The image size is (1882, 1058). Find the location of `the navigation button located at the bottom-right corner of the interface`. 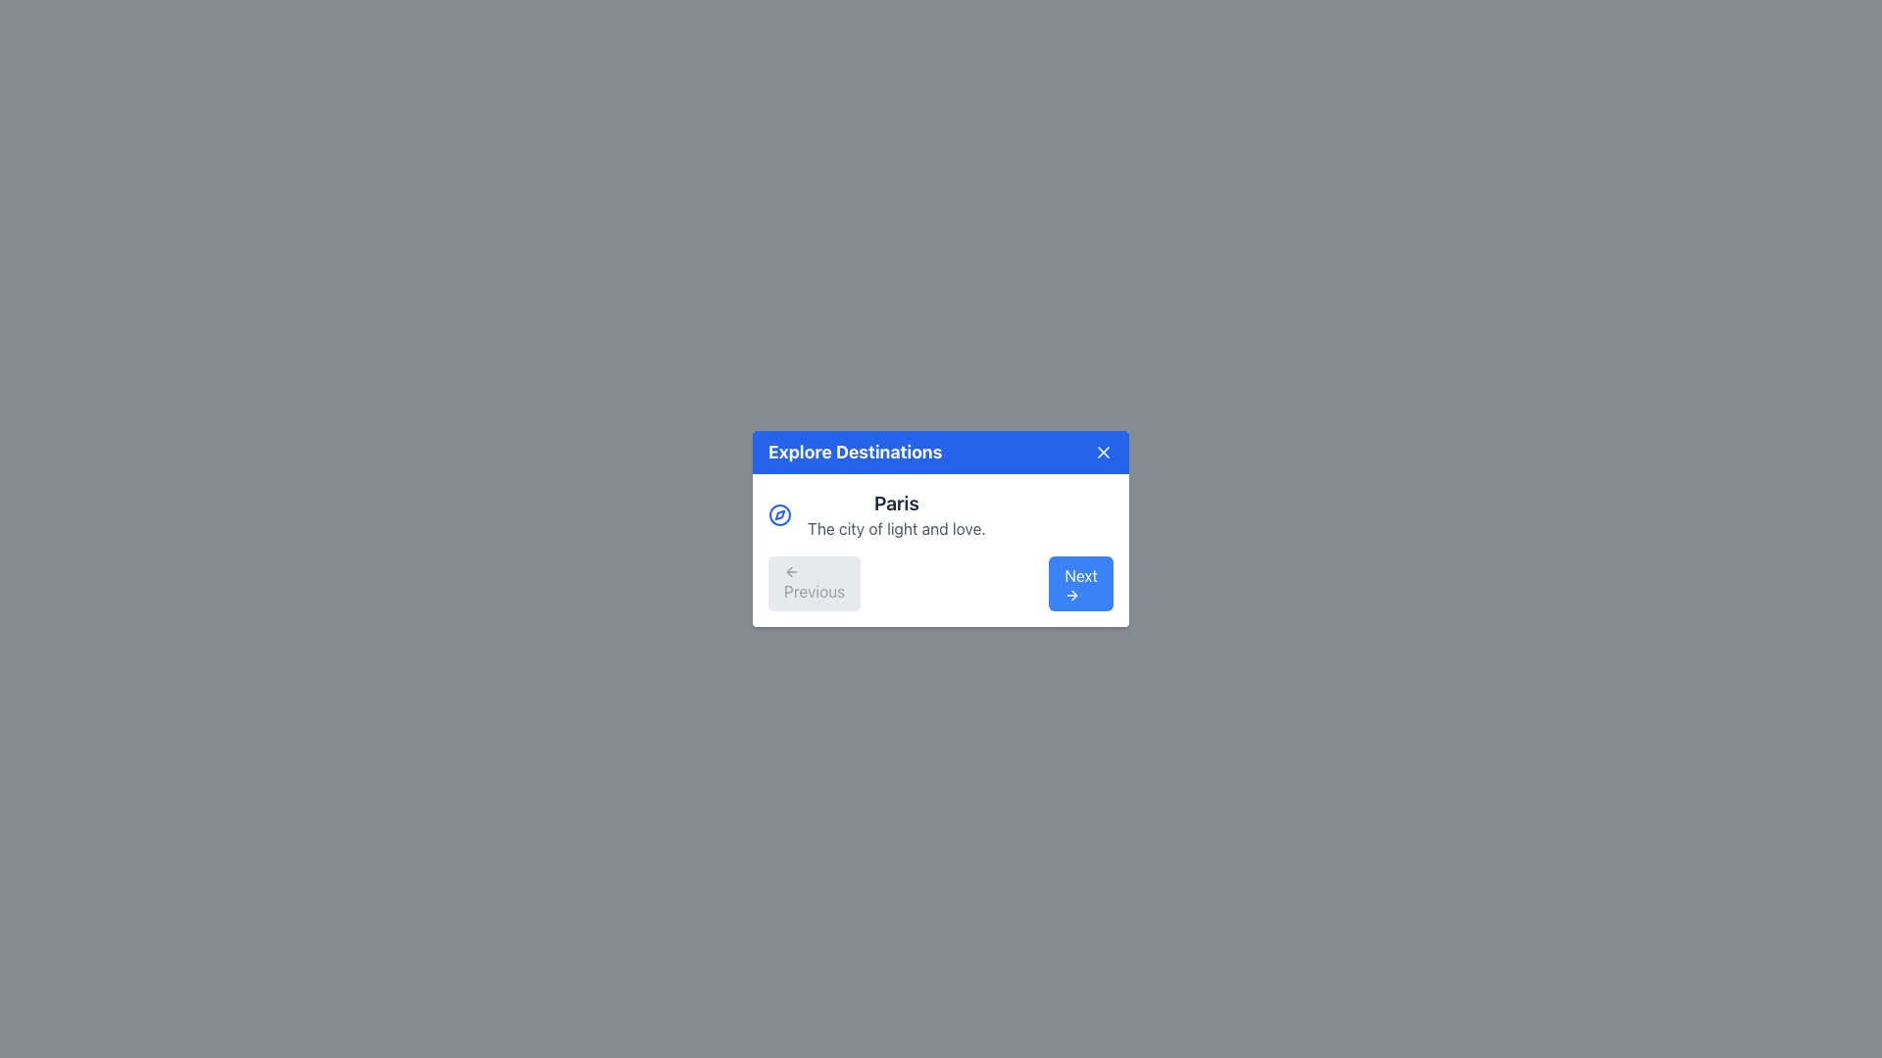

the navigation button located at the bottom-right corner of the interface is located at coordinates (1080, 583).